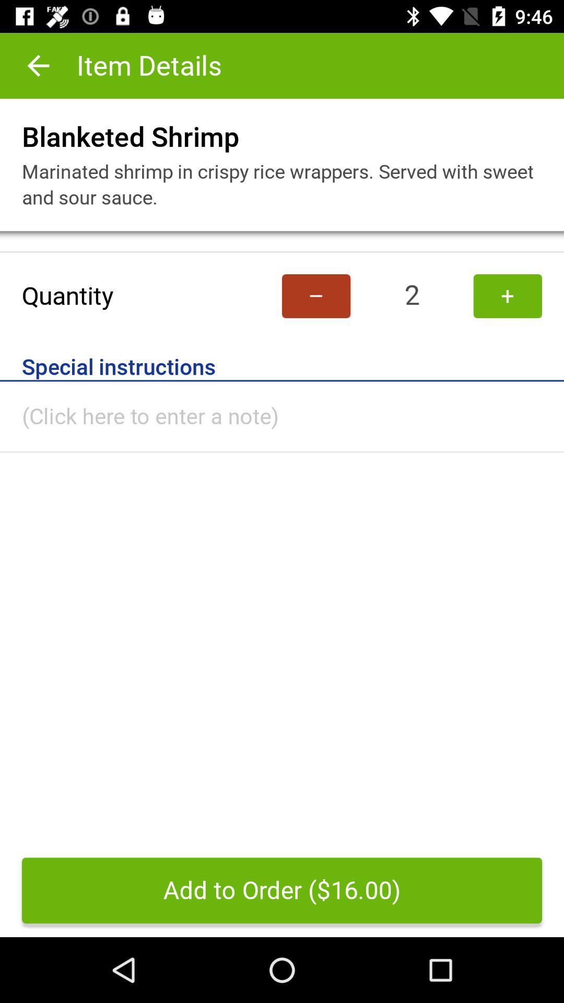  I want to click on + item, so click(507, 295).